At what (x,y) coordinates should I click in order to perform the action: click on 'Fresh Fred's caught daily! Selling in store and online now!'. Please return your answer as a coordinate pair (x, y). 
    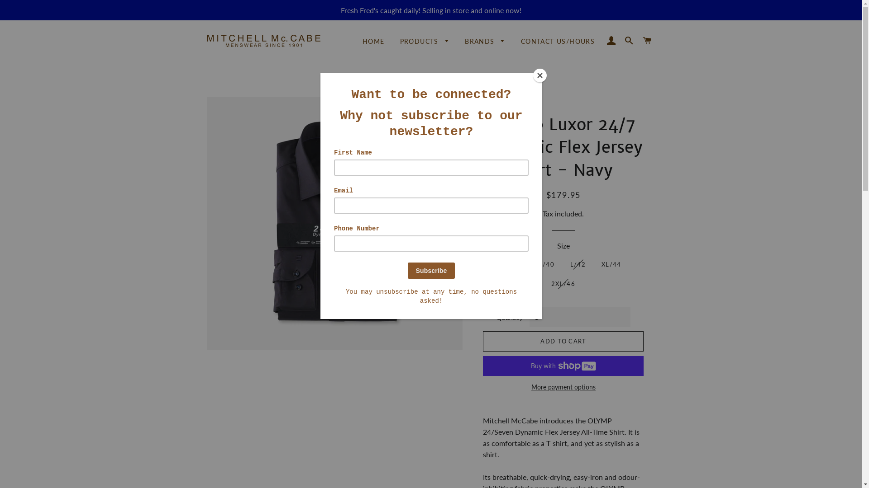
    Looking at the image, I should click on (430, 10).